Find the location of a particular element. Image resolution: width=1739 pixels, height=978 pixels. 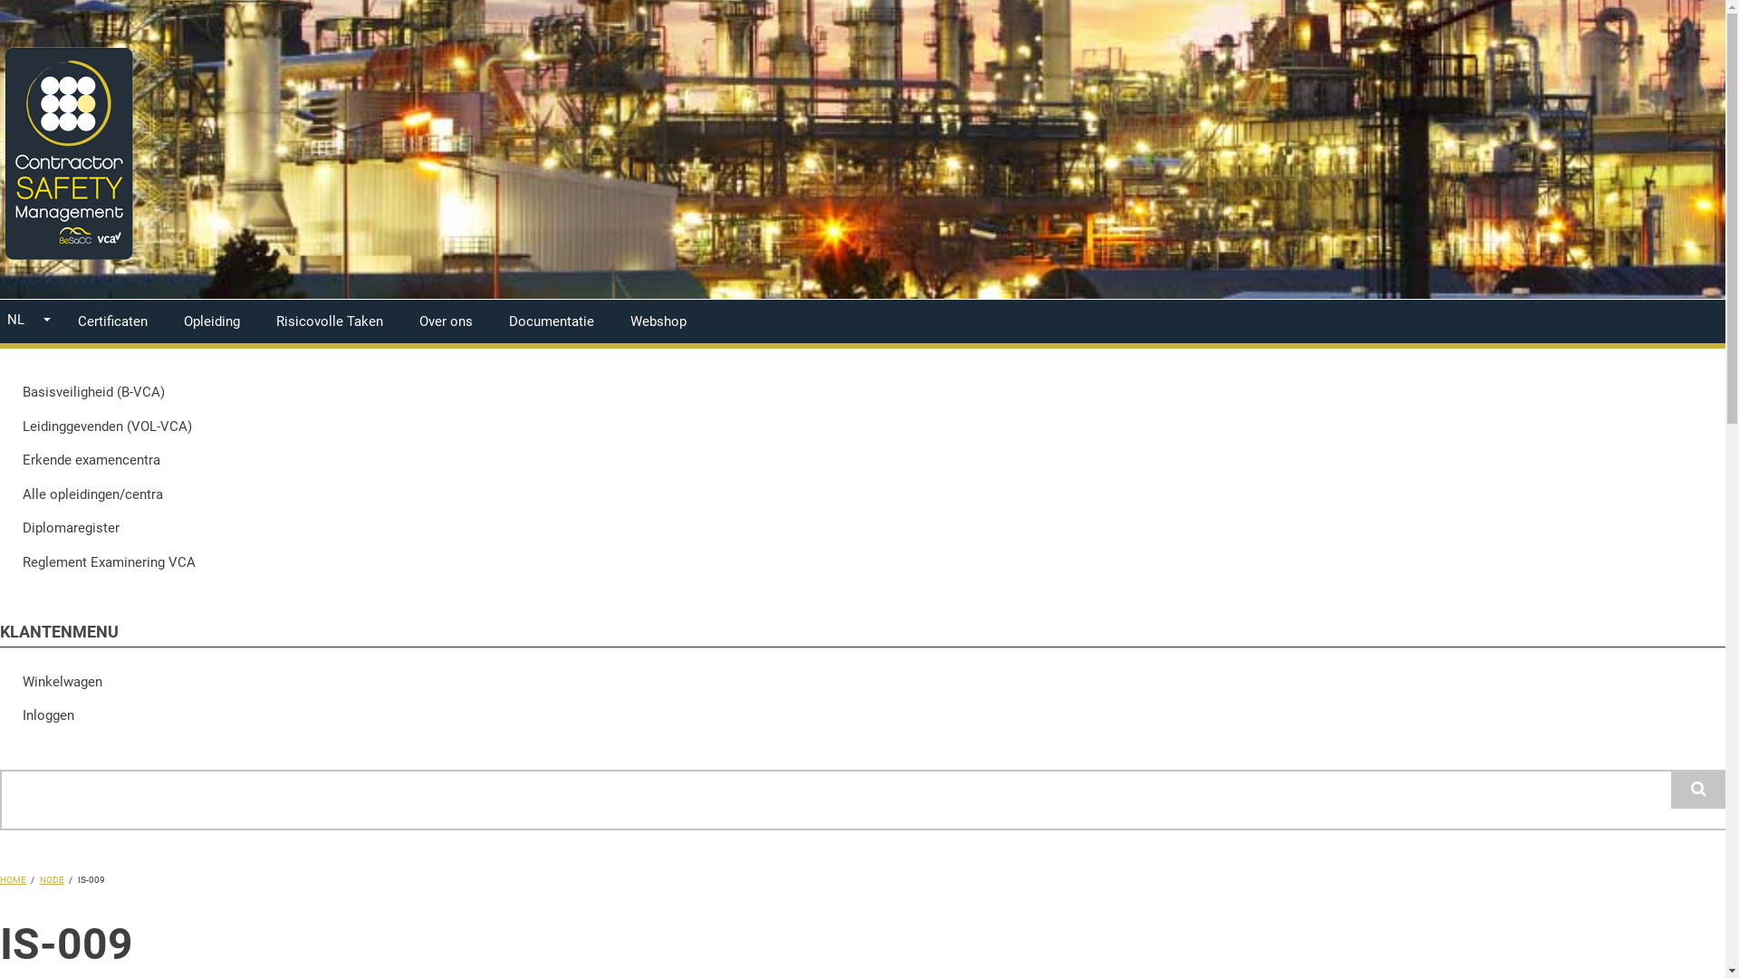

'Search' is located at coordinates (1697, 788).